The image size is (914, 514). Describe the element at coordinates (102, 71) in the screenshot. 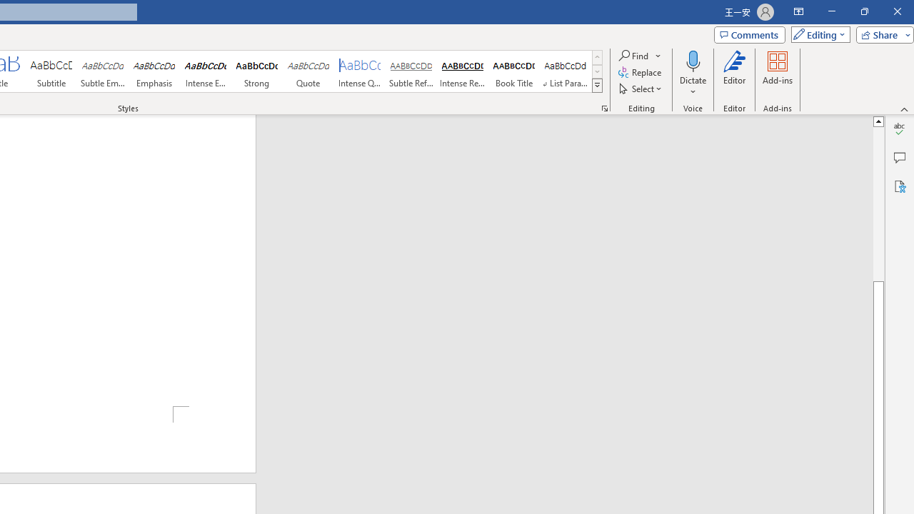

I see `'Subtle Emphasis'` at that location.